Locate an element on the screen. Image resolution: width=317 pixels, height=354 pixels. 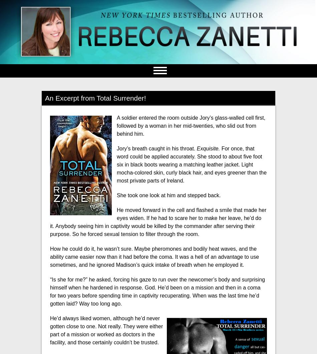
'“Is she for me?” he asked, forcing his gaze to run over the newcomer’s body and surprising himself when he hardened in response. God. He’d been on a mission and then in a coma for two years before spending time in captivity recuperating. When was the last time he’d gotten laid? Way too long ago.' is located at coordinates (157, 291).